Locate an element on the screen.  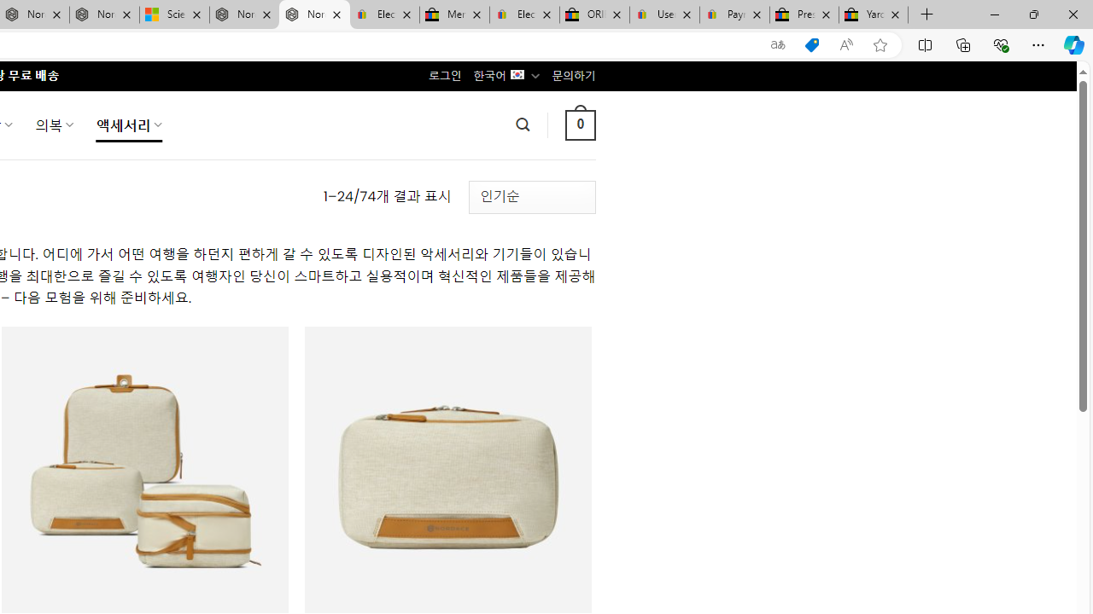
'  0  ' is located at coordinates (580, 124).